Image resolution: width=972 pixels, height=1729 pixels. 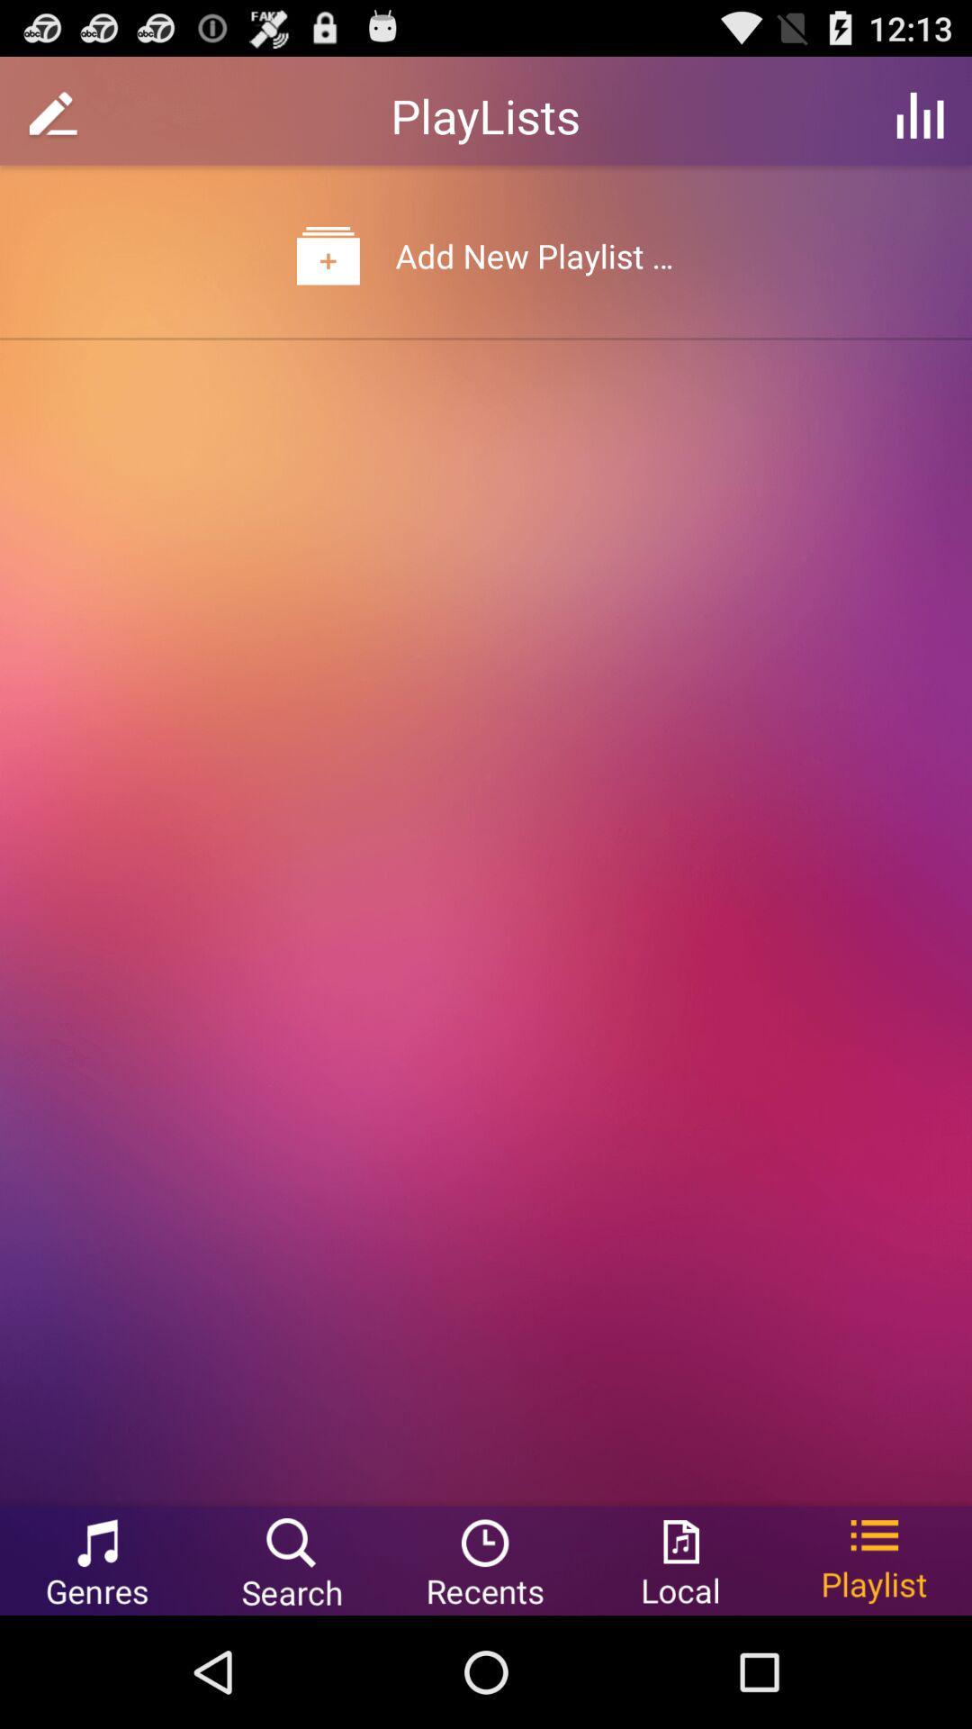 I want to click on the item at the center, so click(x=486, y=919).